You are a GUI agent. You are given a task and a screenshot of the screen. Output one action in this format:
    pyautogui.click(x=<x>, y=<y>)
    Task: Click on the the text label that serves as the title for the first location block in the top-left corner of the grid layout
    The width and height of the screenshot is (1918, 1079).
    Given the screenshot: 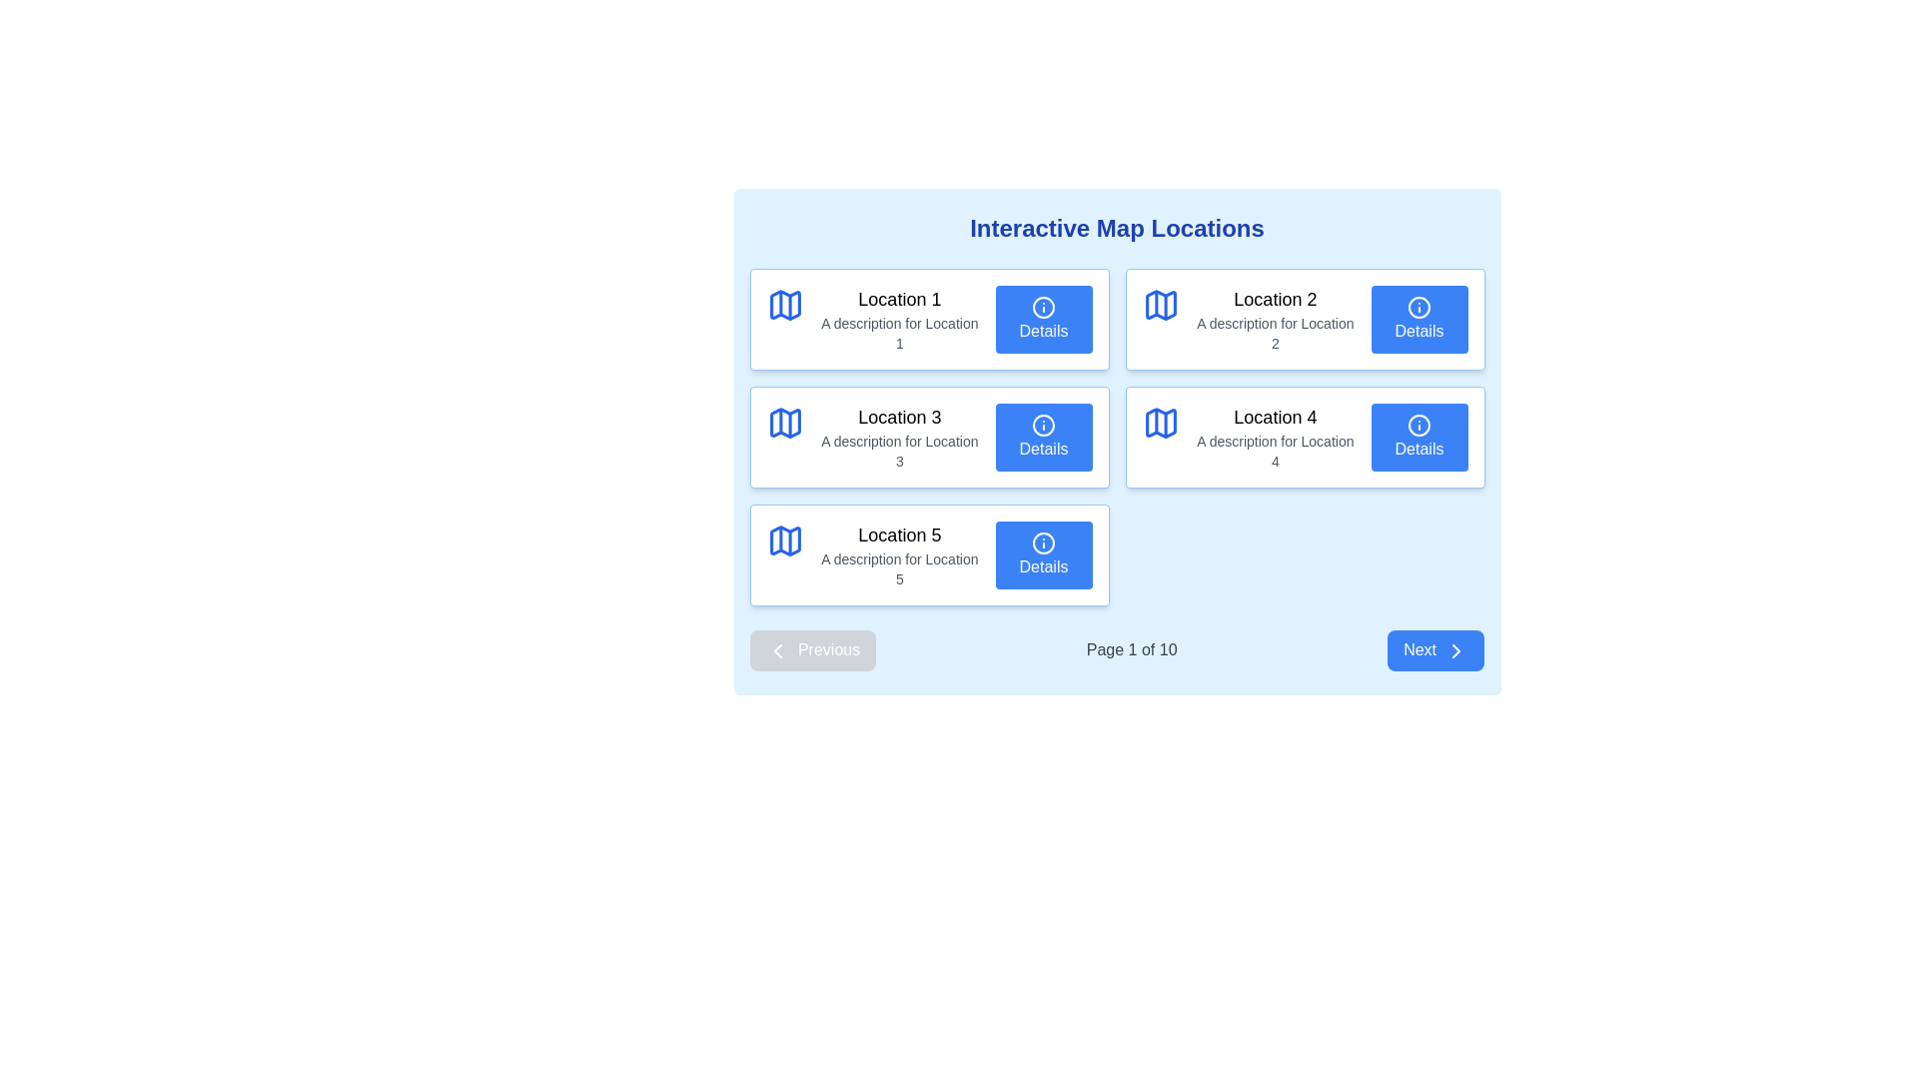 What is the action you would take?
    pyautogui.click(x=898, y=300)
    